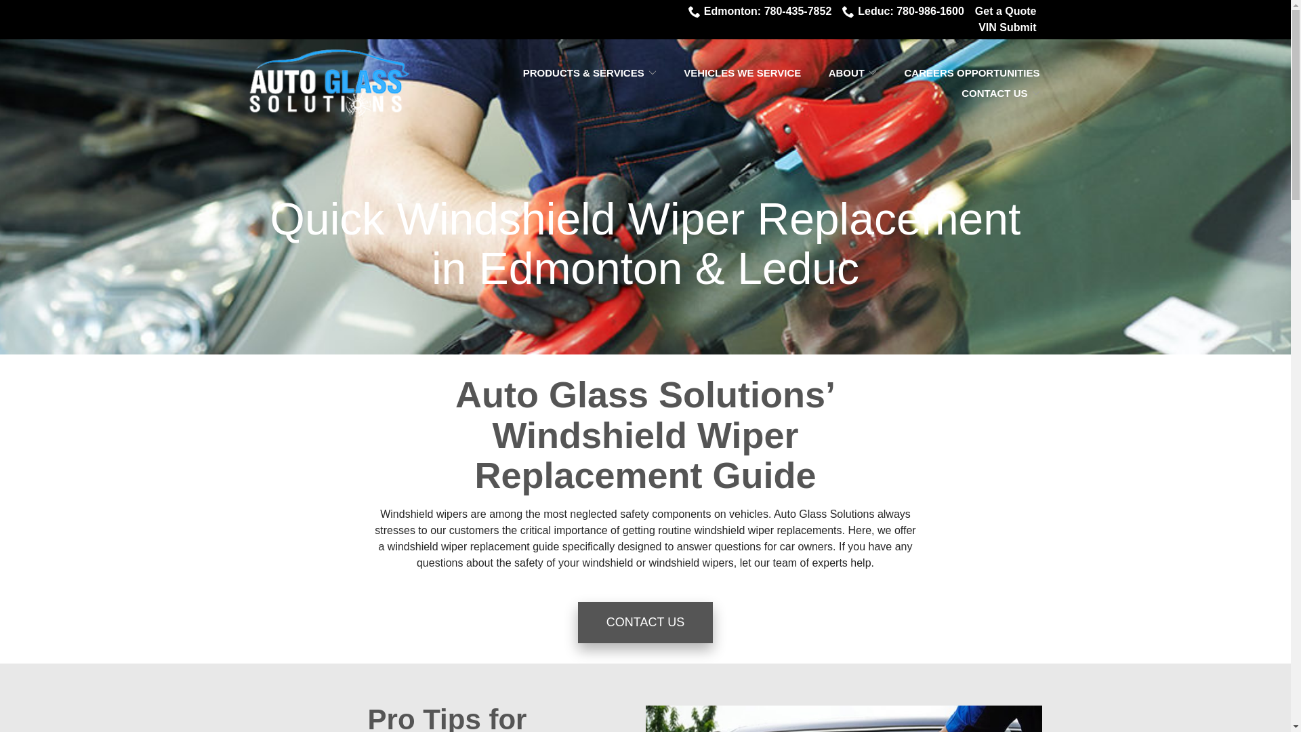 Image resolution: width=1301 pixels, height=732 pixels. Describe the element at coordinates (1007, 28) in the screenshot. I see `'VIN Submit'` at that location.